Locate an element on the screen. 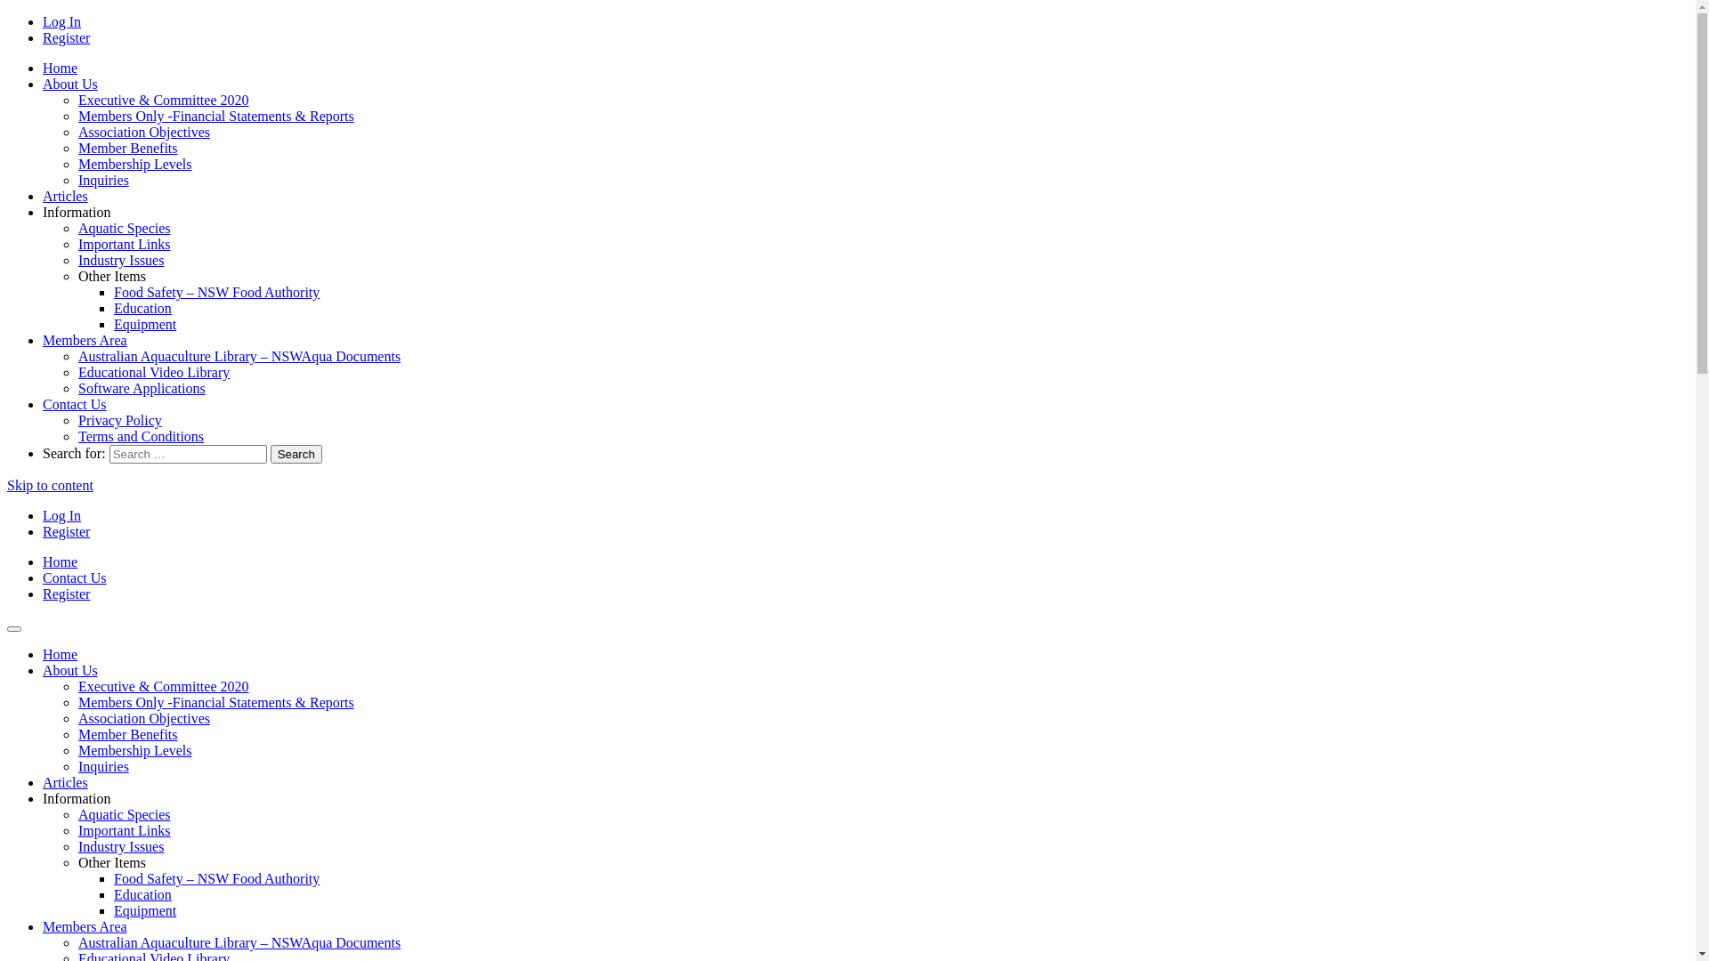  'Executive & Committee 2020' is located at coordinates (77, 685).